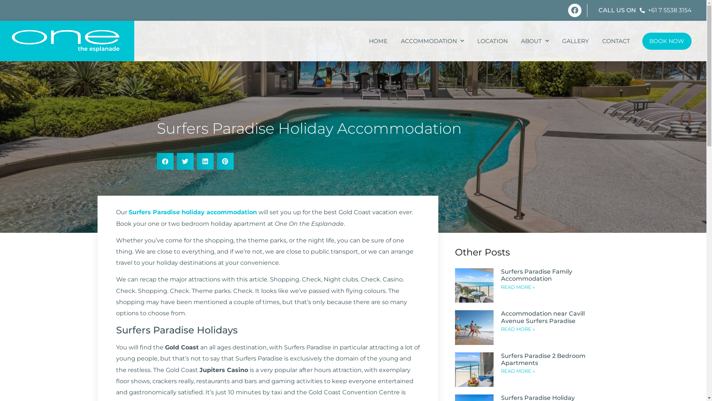 The width and height of the screenshot is (712, 401). What do you see at coordinates (616, 41) in the screenshot?
I see `'CONTACT'` at bounding box center [616, 41].